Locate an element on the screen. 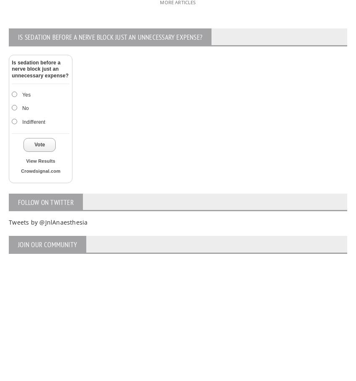  'FOLLOW ON TWITTER' is located at coordinates (18, 202).